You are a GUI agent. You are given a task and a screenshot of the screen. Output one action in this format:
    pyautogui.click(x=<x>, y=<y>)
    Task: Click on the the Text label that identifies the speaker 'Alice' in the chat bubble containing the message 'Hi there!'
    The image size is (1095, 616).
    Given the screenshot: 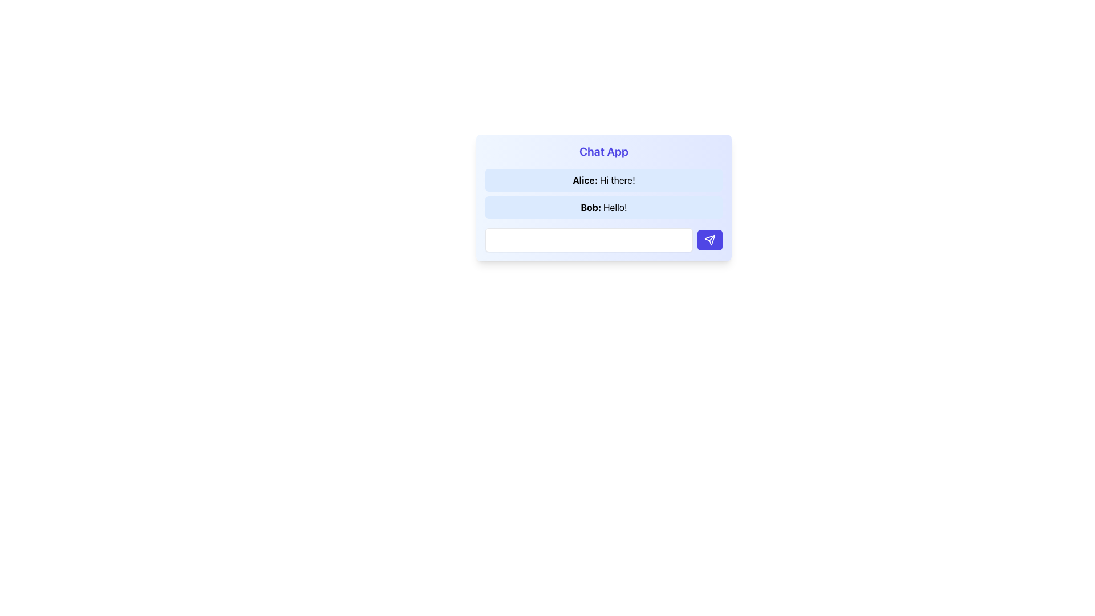 What is the action you would take?
    pyautogui.click(x=586, y=180)
    